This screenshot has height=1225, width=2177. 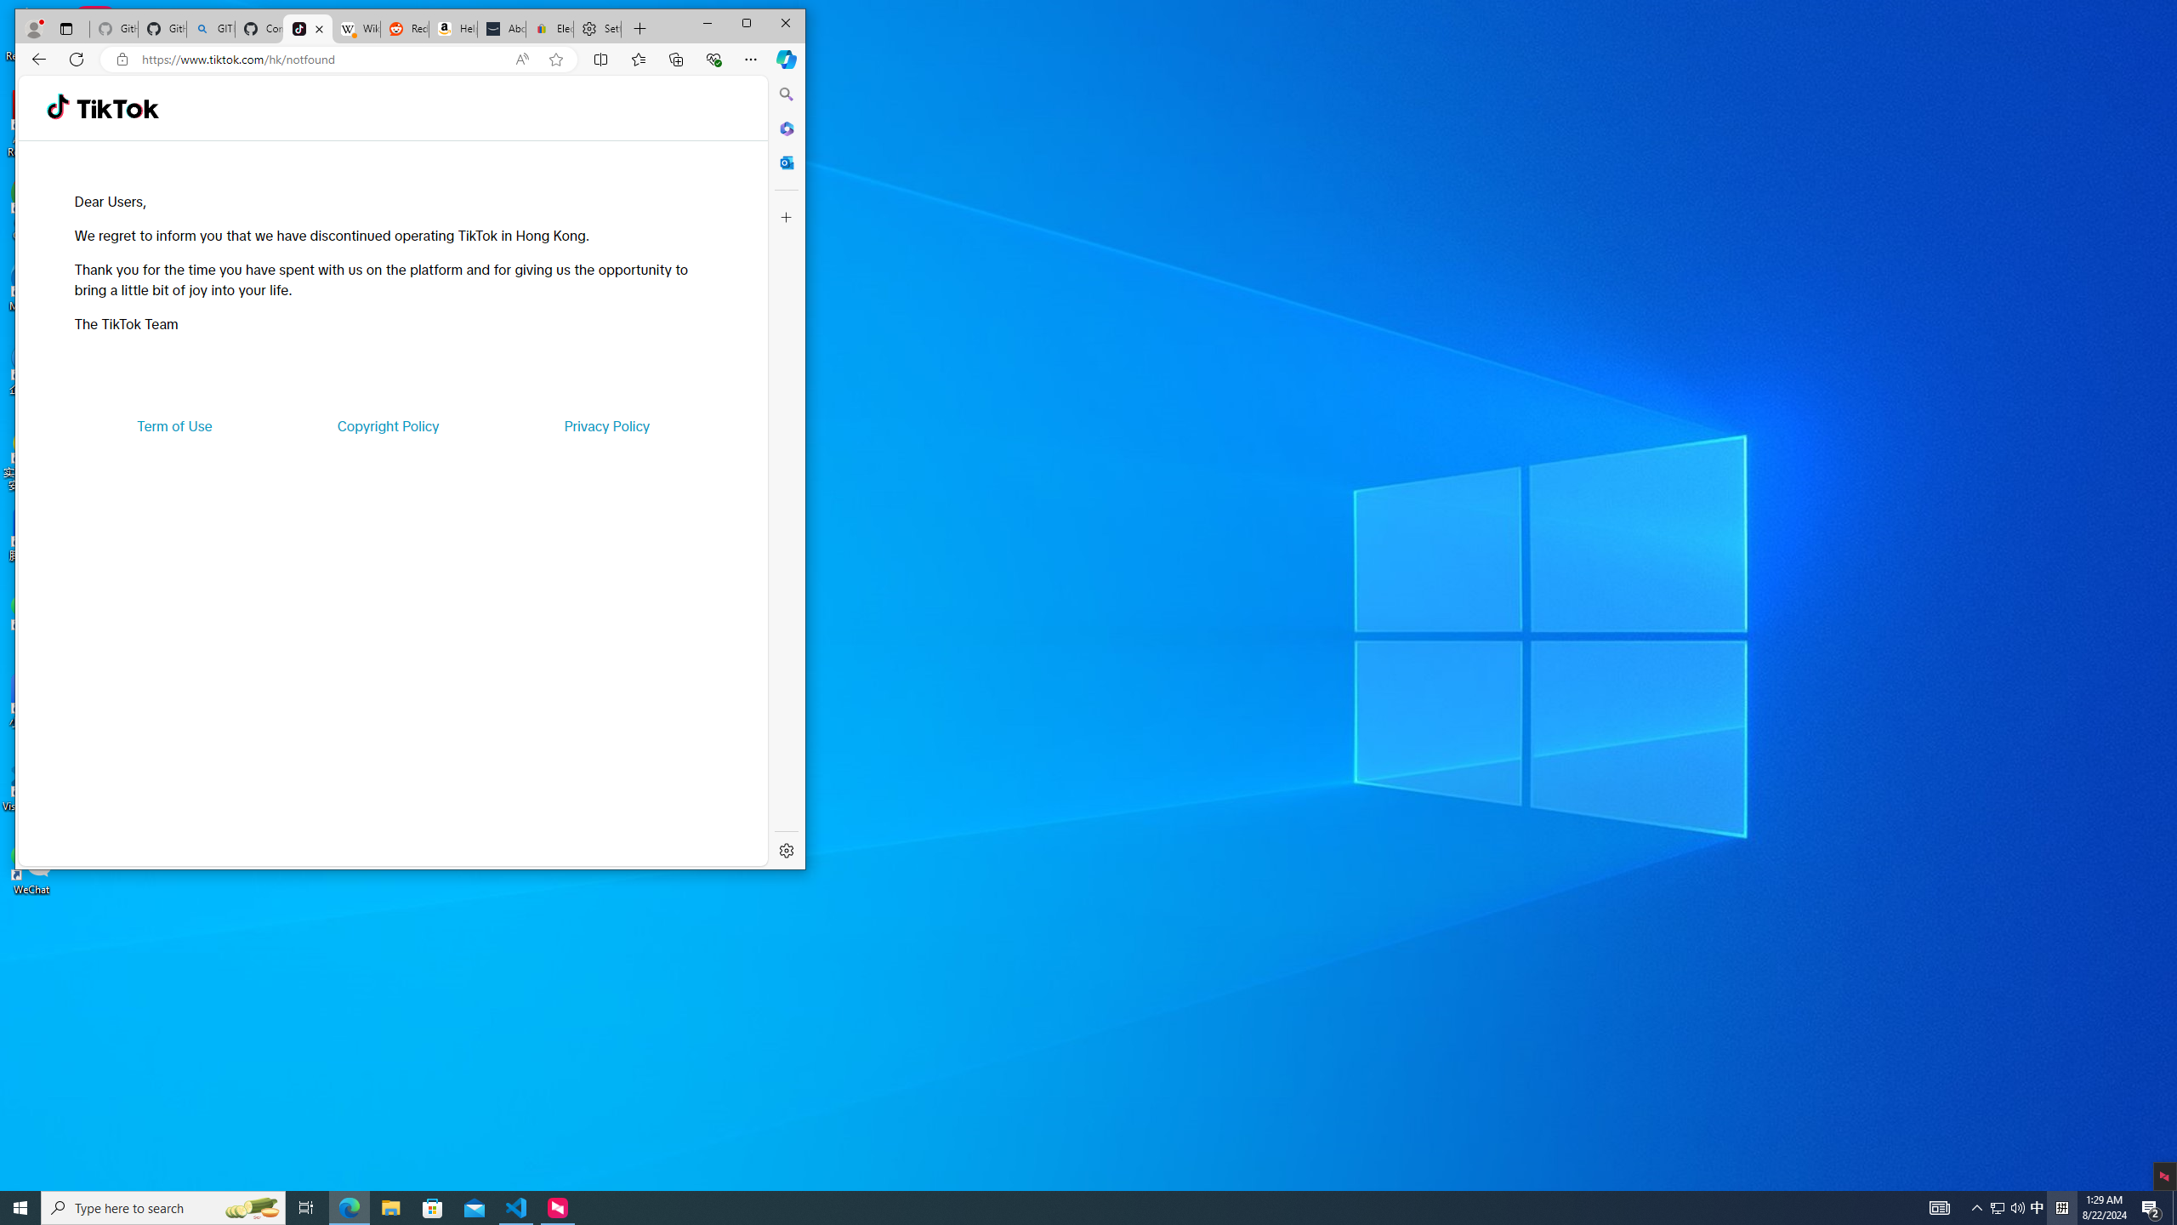 What do you see at coordinates (2017, 1206) in the screenshot?
I see `'Q2790: 100%'` at bounding box center [2017, 1206].